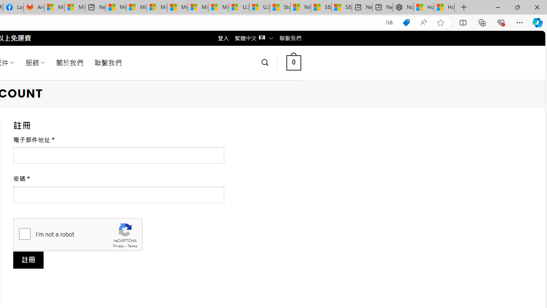 This screenshot has width=547, height=308. Describe the element at coordinates (118, 246) in the screenshot. I see `'Privacy'` at that location.